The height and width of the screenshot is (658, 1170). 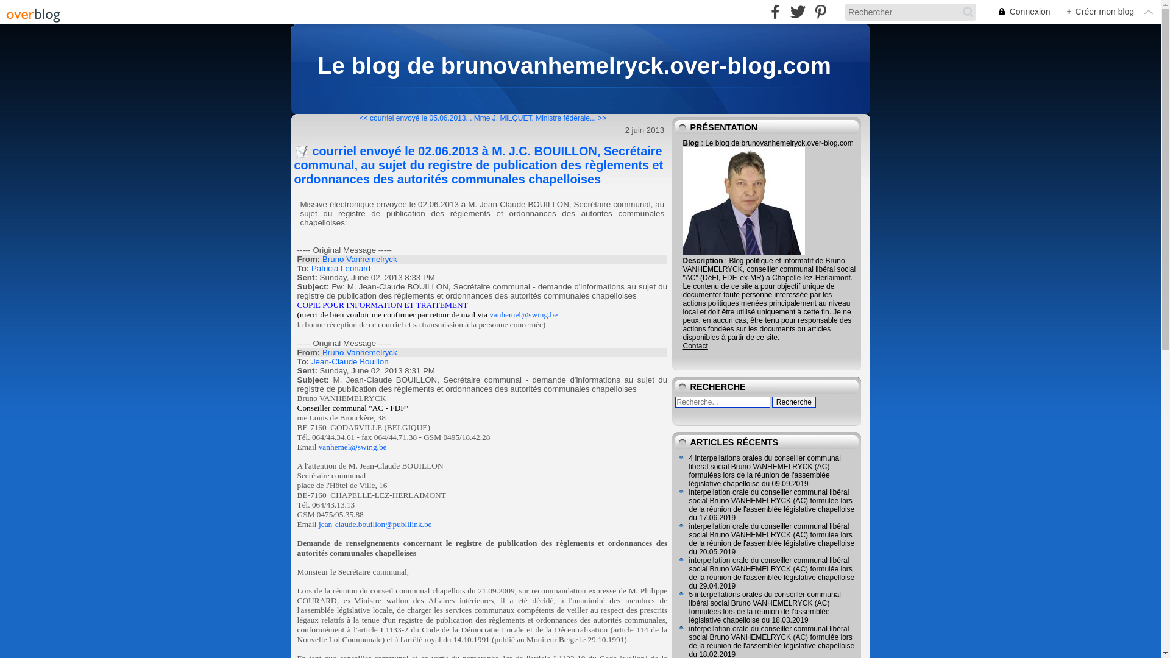 What do you see at coordinates (359, 258) in the screenshot?
I see `'Bruno Vanhemelryck'` at bounding box center [359, 258].